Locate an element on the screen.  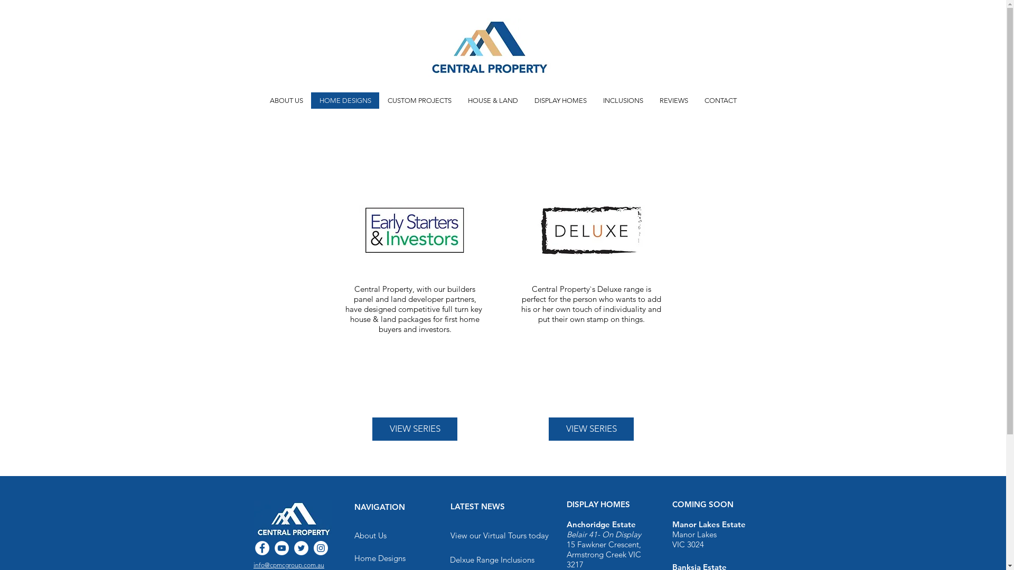
'View our' is located at coordinates (466, 535).